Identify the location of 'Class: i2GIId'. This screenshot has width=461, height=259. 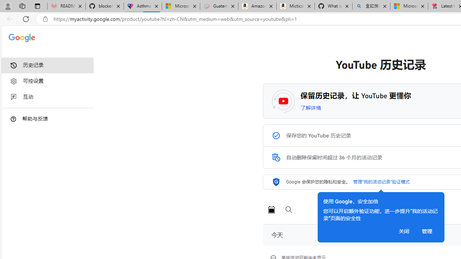
(14, 97).